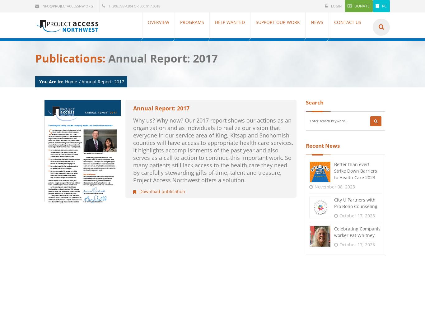 This screenshot has height=311, width=425. Describe the element at coordinates (356, 203) in the screenshot. I see `'City U Partners with Pro Bono Counseling'` at that location.